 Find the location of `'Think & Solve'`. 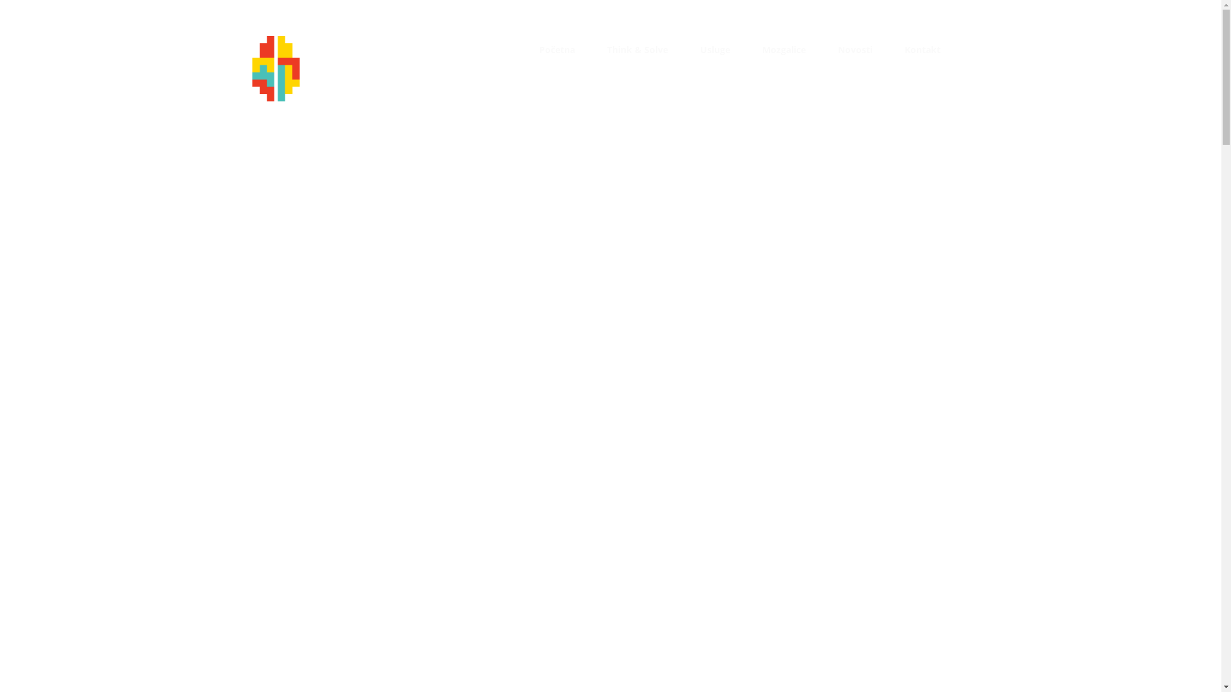

'Think & Solve' is located at coordinates (637, 49).